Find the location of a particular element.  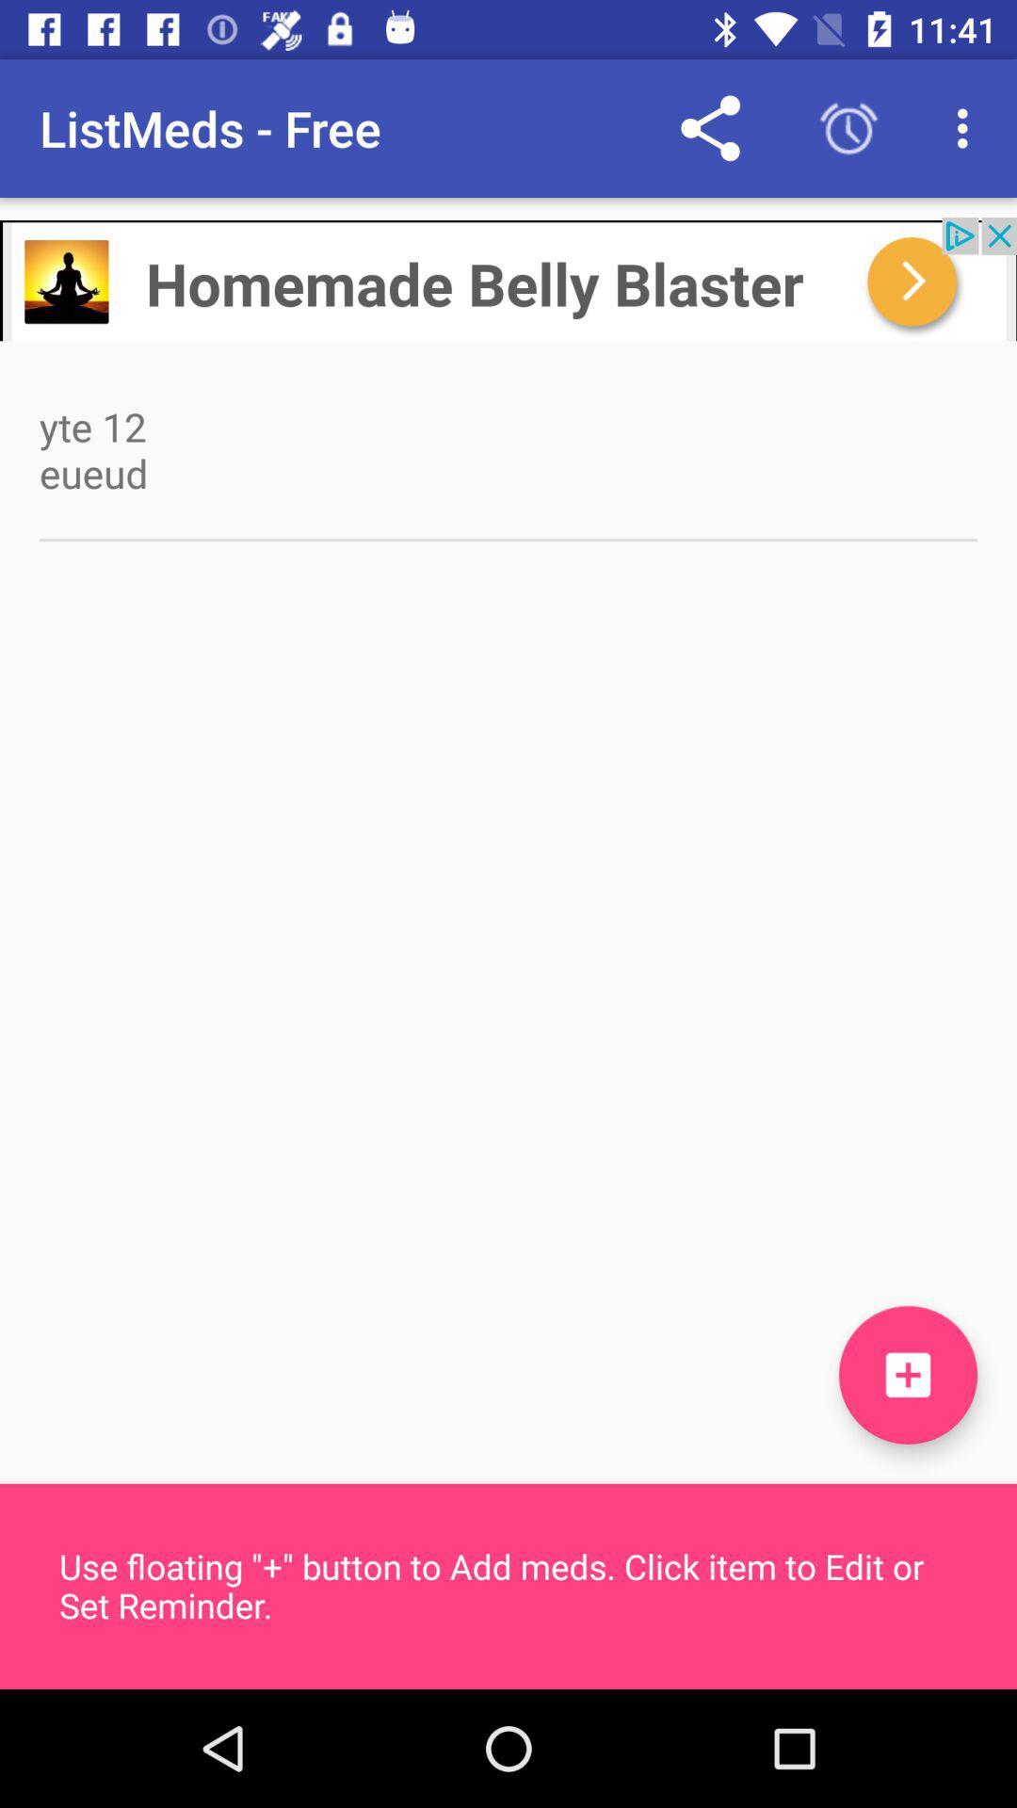

the add icon is located at coordinates (907, 1375).